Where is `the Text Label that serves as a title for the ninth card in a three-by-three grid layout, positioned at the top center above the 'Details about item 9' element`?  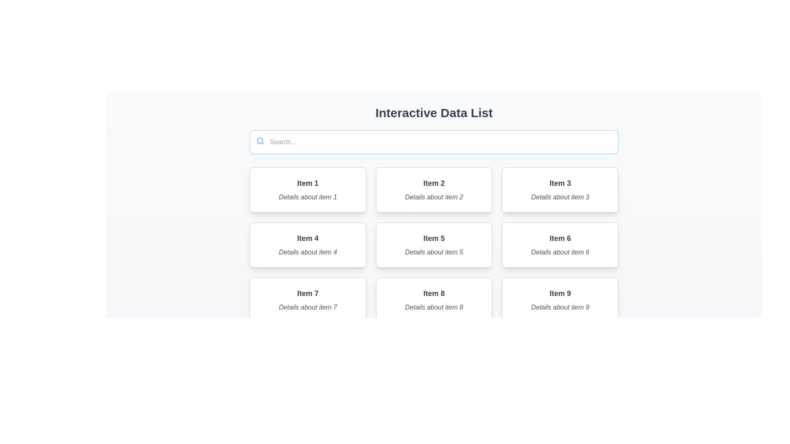
the Text Label that serves as a title for the ninth card in a three-by-three grid layout, positioned at the top center above the 'Details about item 9' element is located at coordinates (560, 293).